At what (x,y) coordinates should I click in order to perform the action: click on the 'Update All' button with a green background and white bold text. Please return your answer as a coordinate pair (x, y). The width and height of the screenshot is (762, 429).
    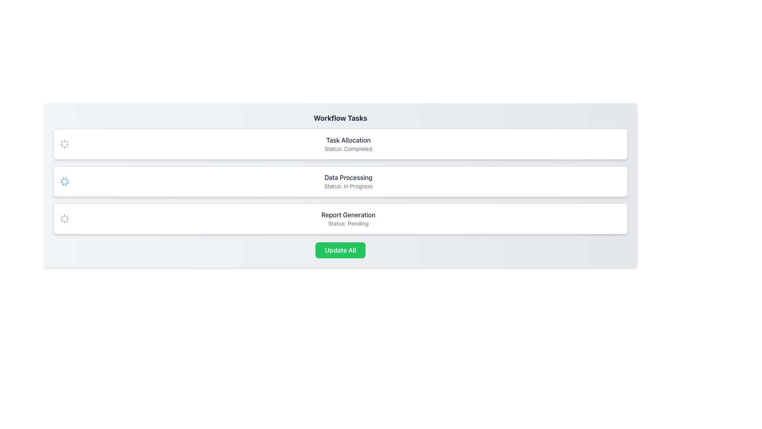
    Looking at the image, I should click on (341, 249).